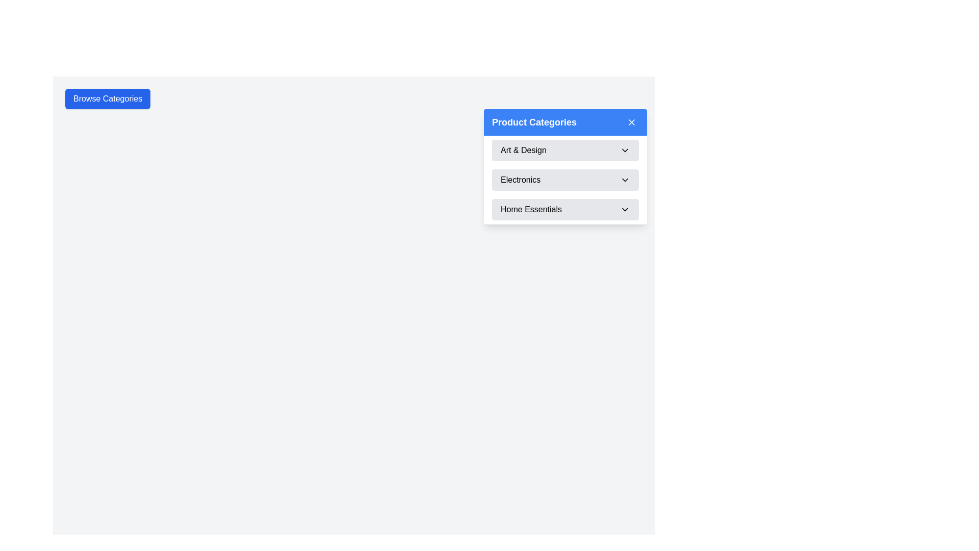  I want to click on the 'Electronics' dropdown menu option, so click(564, 180).